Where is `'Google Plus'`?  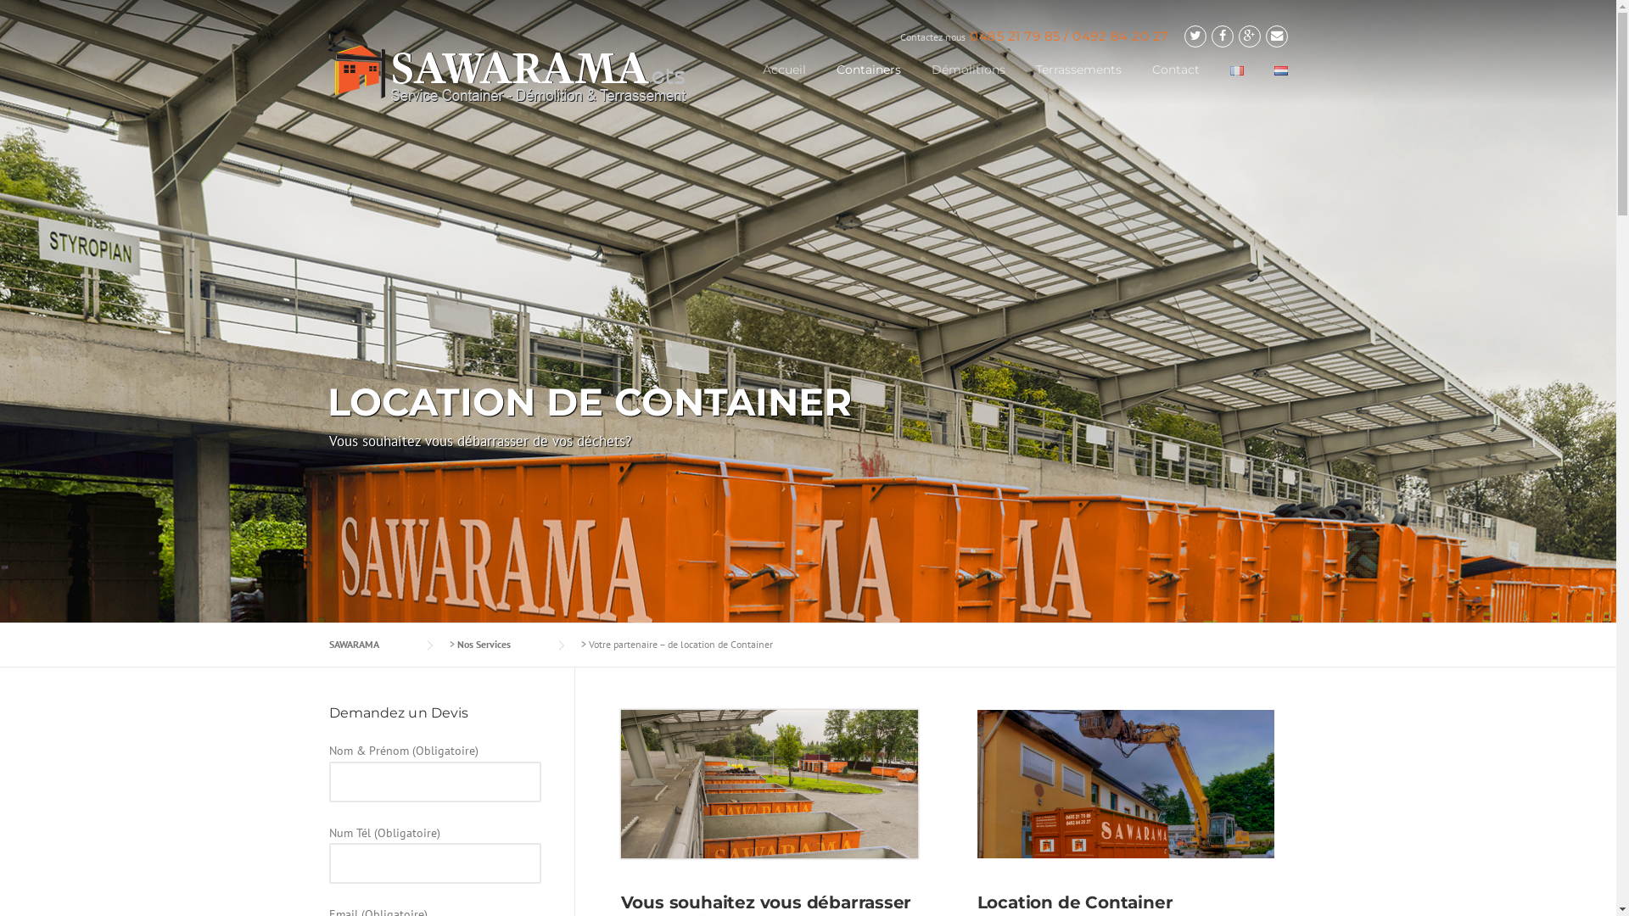
'Google Plus' is located at coordinates (1250, 36).